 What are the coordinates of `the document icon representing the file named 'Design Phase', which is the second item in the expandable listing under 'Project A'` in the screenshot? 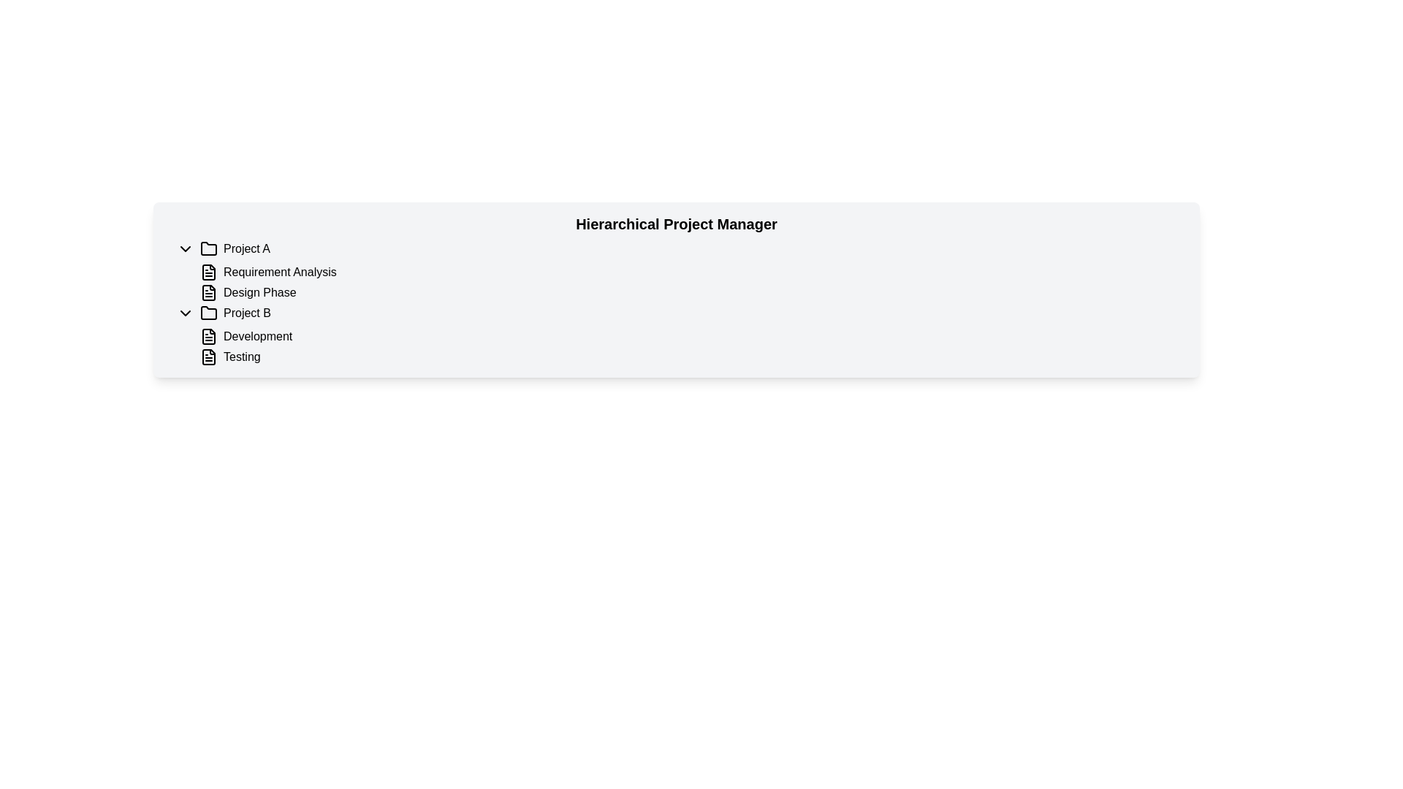 It's located at (208, 293).